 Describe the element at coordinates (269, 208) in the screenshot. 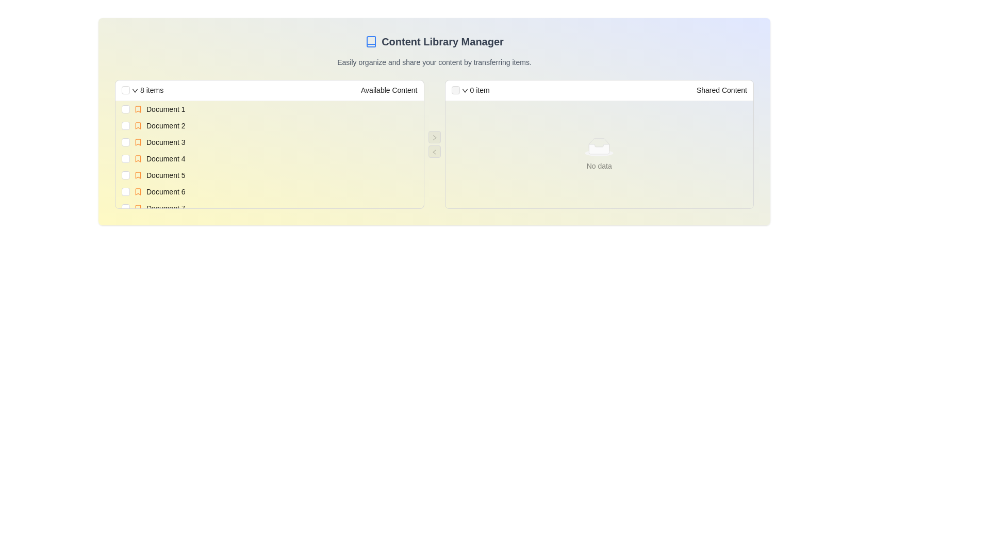

I see `the checkbox labeled 'Document 7' in the transfer list` at that location.